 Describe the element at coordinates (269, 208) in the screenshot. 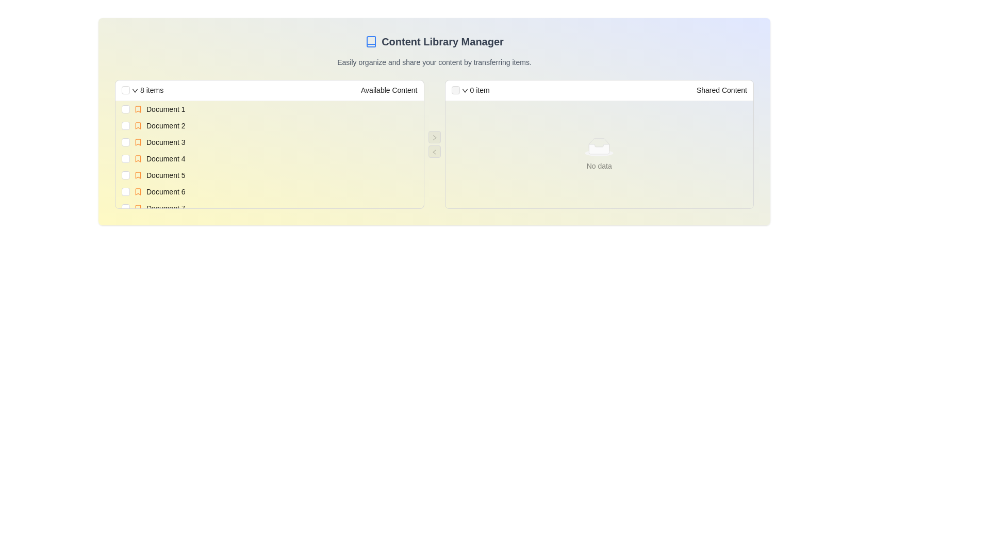

I see `the checkbox labeled 'Document 7' in the transfer list` at that location.